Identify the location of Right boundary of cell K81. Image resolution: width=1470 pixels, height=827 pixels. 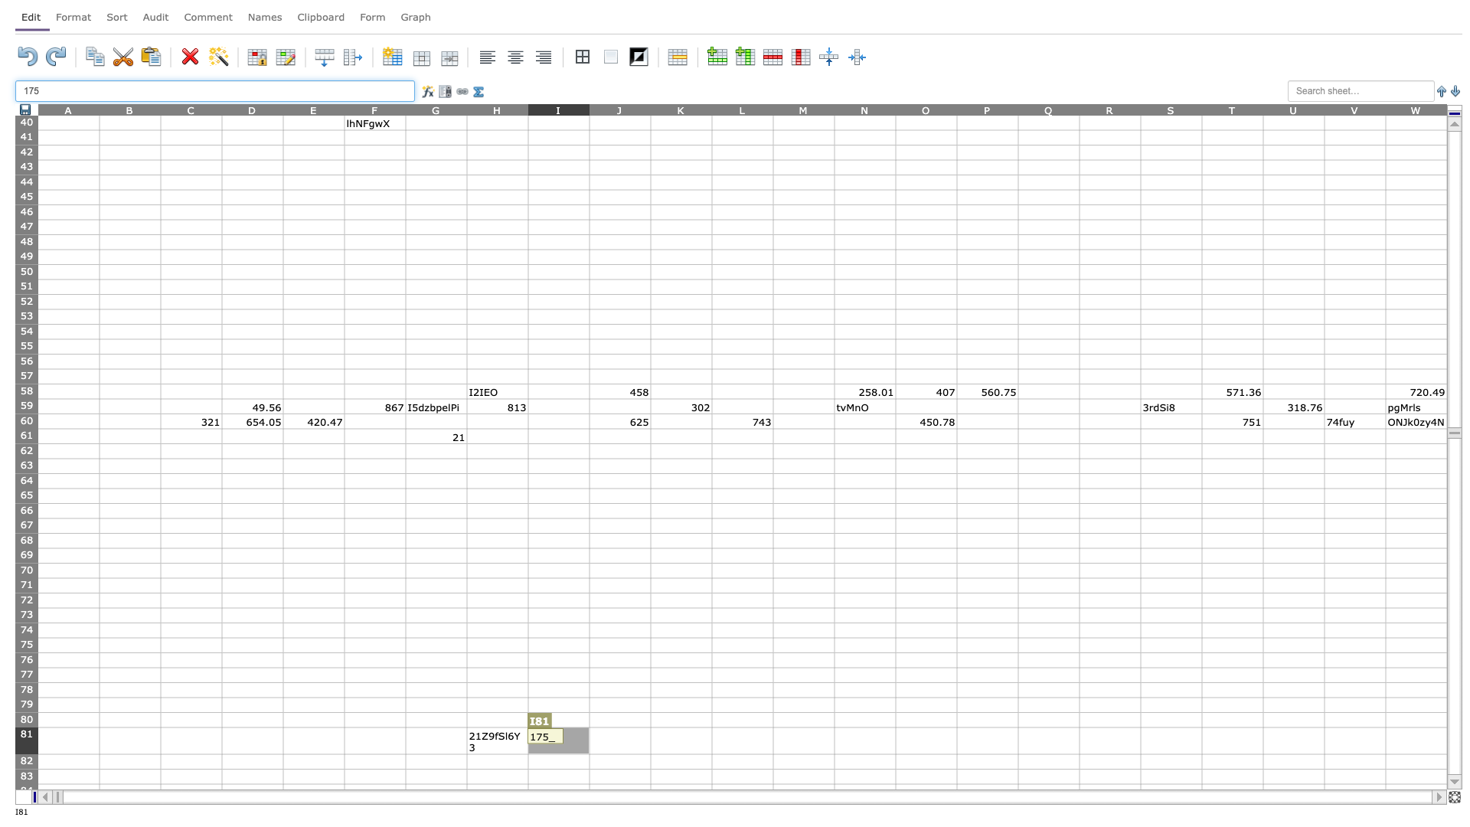
(711, 740).